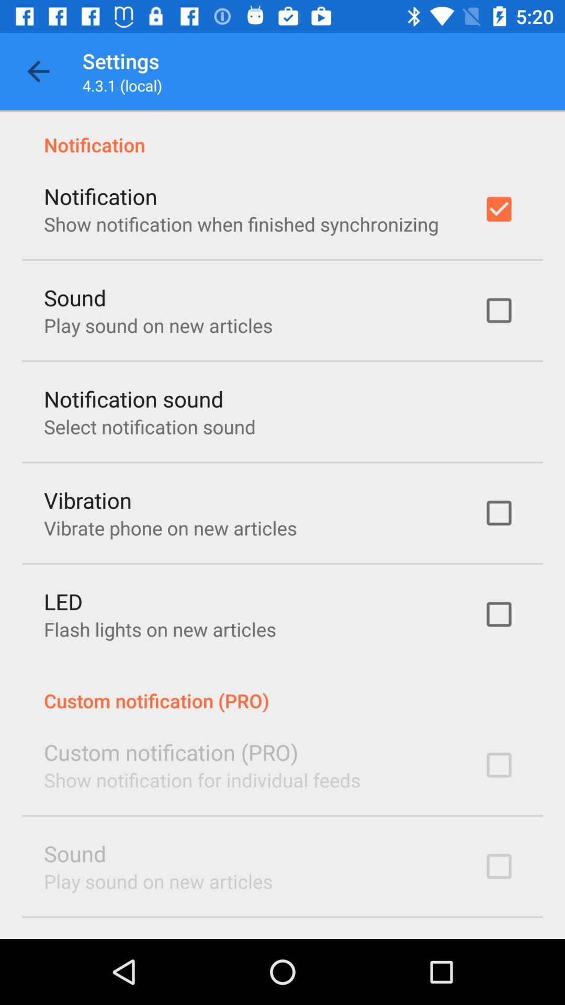 This screenshot has width=565, height=1005. What do you see at coordinates (160, 629) in the screenshot?
I see `icon above the custom notification (pro) item` at bounding box center [160, 629].